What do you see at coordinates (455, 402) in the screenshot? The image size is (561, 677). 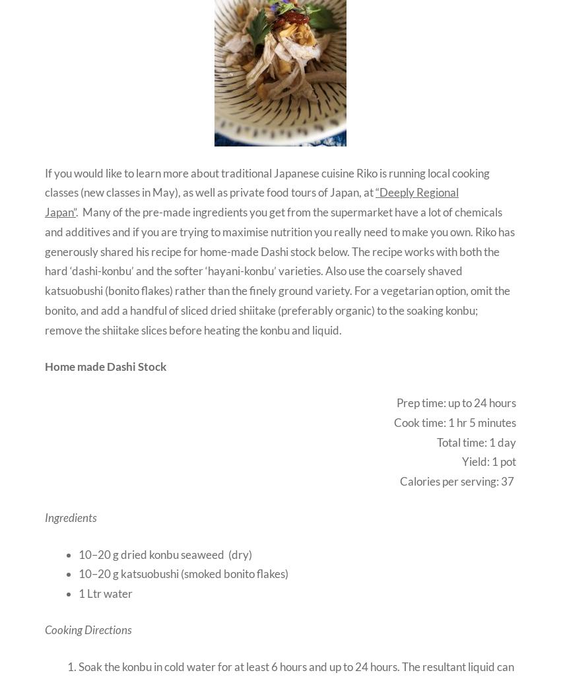 I see `'Prep time: up to 24 hours'` at bounding box center [455, 402].